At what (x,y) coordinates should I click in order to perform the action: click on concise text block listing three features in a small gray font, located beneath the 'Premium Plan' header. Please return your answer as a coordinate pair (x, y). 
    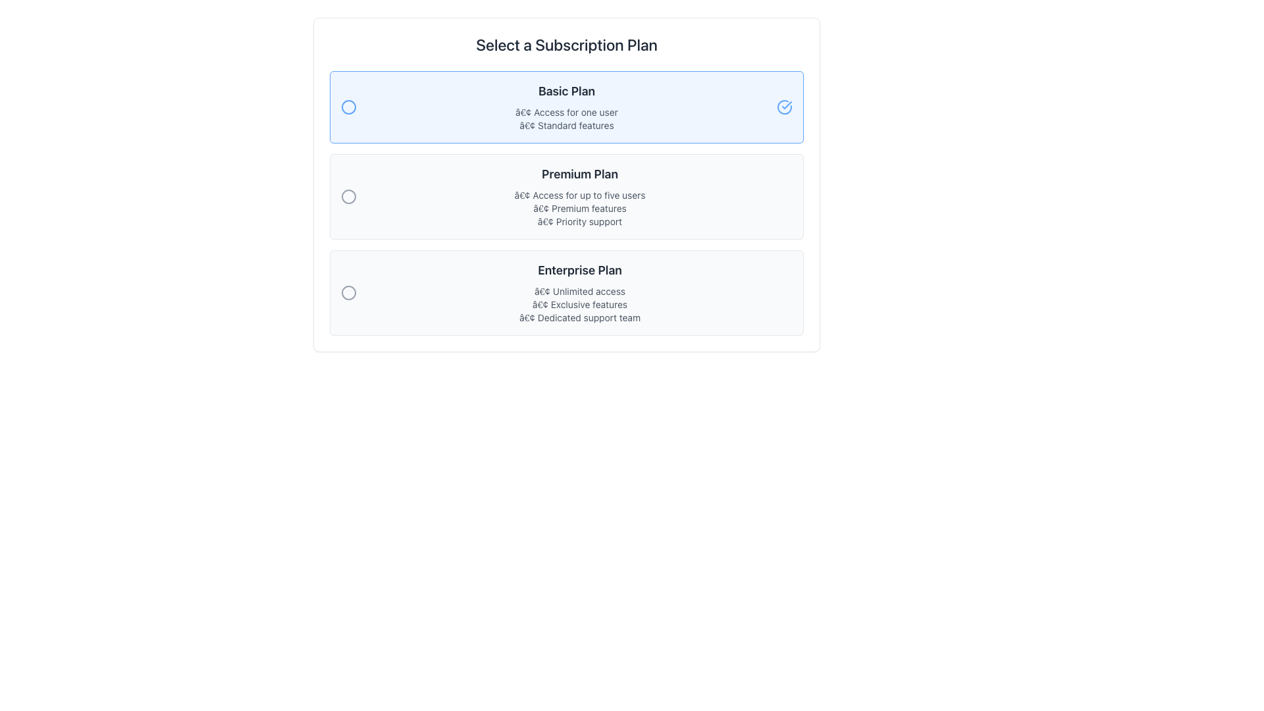
    Looking at the image, I should click on (579, 207).